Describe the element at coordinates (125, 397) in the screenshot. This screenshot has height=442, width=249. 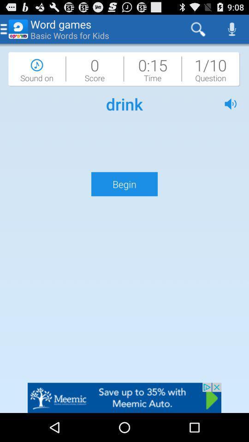
I see `advertisement` at that location.